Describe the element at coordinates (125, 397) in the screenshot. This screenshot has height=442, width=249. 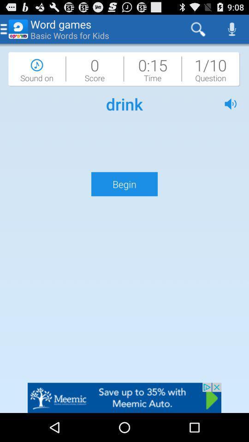
I see `advertisement` at that location.